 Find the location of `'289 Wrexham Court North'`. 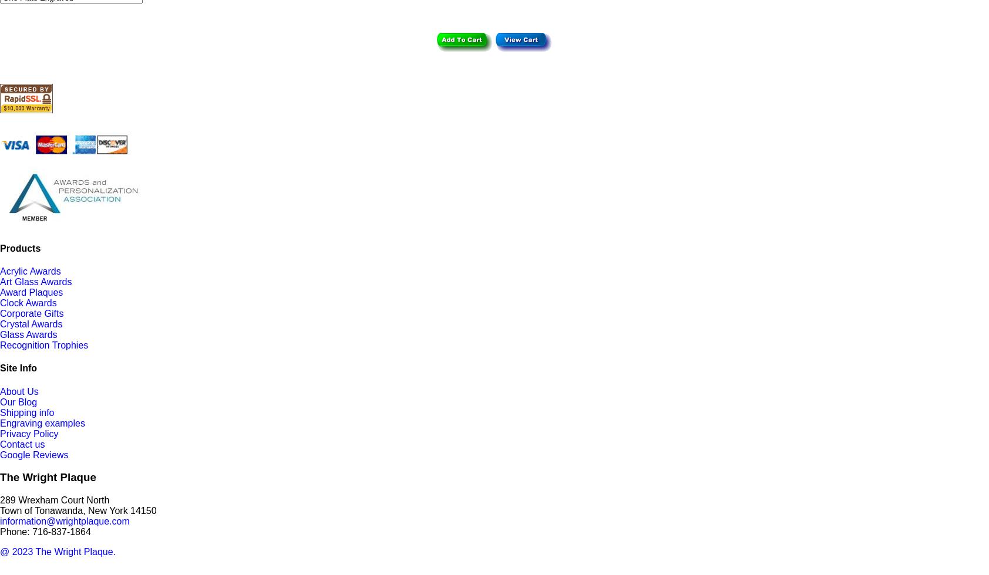

'289 Wrexham Court North' is located at coordinates (53, 500).